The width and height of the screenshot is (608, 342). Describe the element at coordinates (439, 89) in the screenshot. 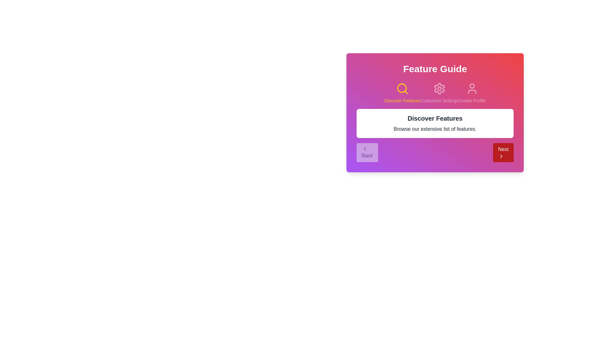

I see `the step associated with Customize Settings by clicking its icon` at that location.